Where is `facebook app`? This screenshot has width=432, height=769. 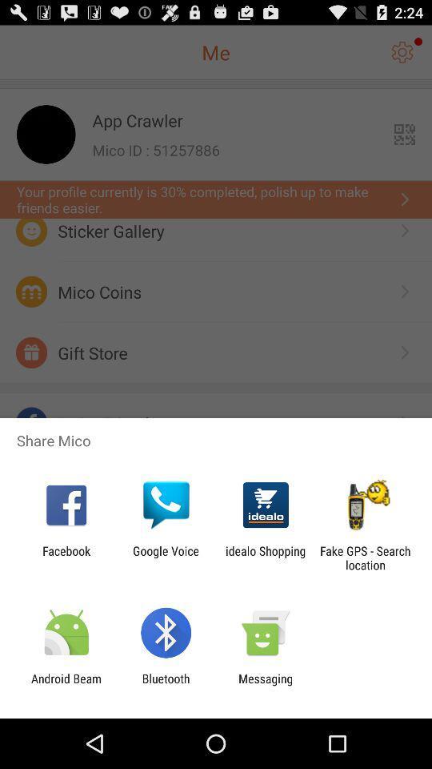
facebook app is located at coordinates (66, 558).